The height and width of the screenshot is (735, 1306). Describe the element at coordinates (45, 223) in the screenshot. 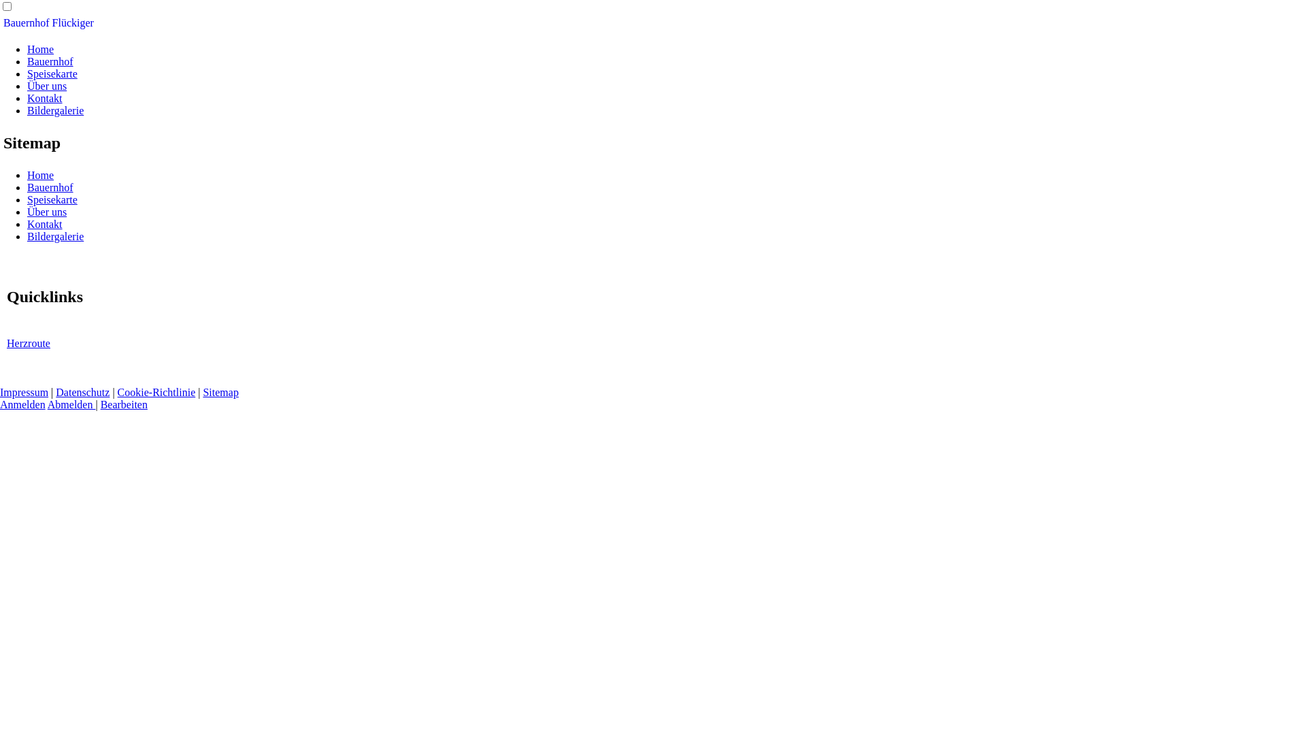

I see `'Kontakt'` at that location.